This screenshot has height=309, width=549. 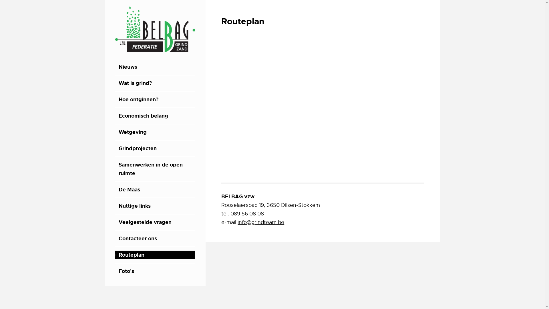 I want to click on 'Veelgestelde vragen', so click(x=155, y=222).